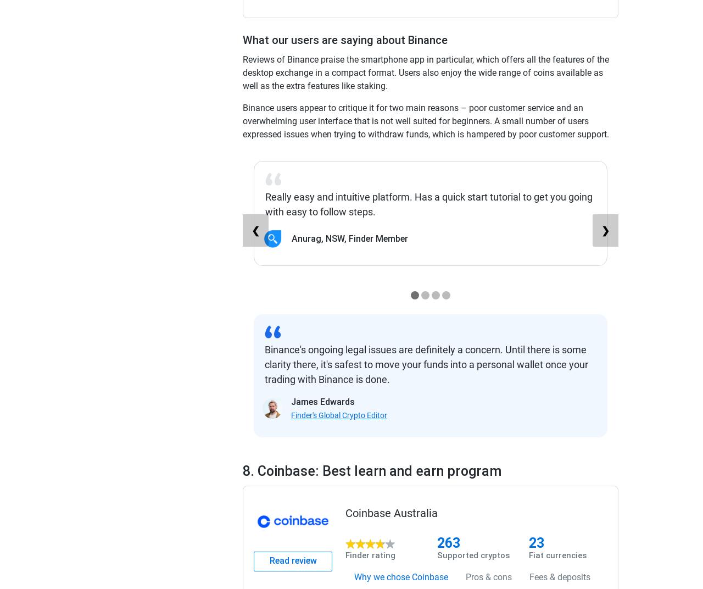 This screenshot has height=589, width=703. I want to click on 'Binance users appear to critique it for two main reasons – poor customer service and an overwhelming user interface that is not well suited for beginners. A small number of users expressed issues when trying to withdraw funds, which is hampered by poor customer support.', so click(425, 121).